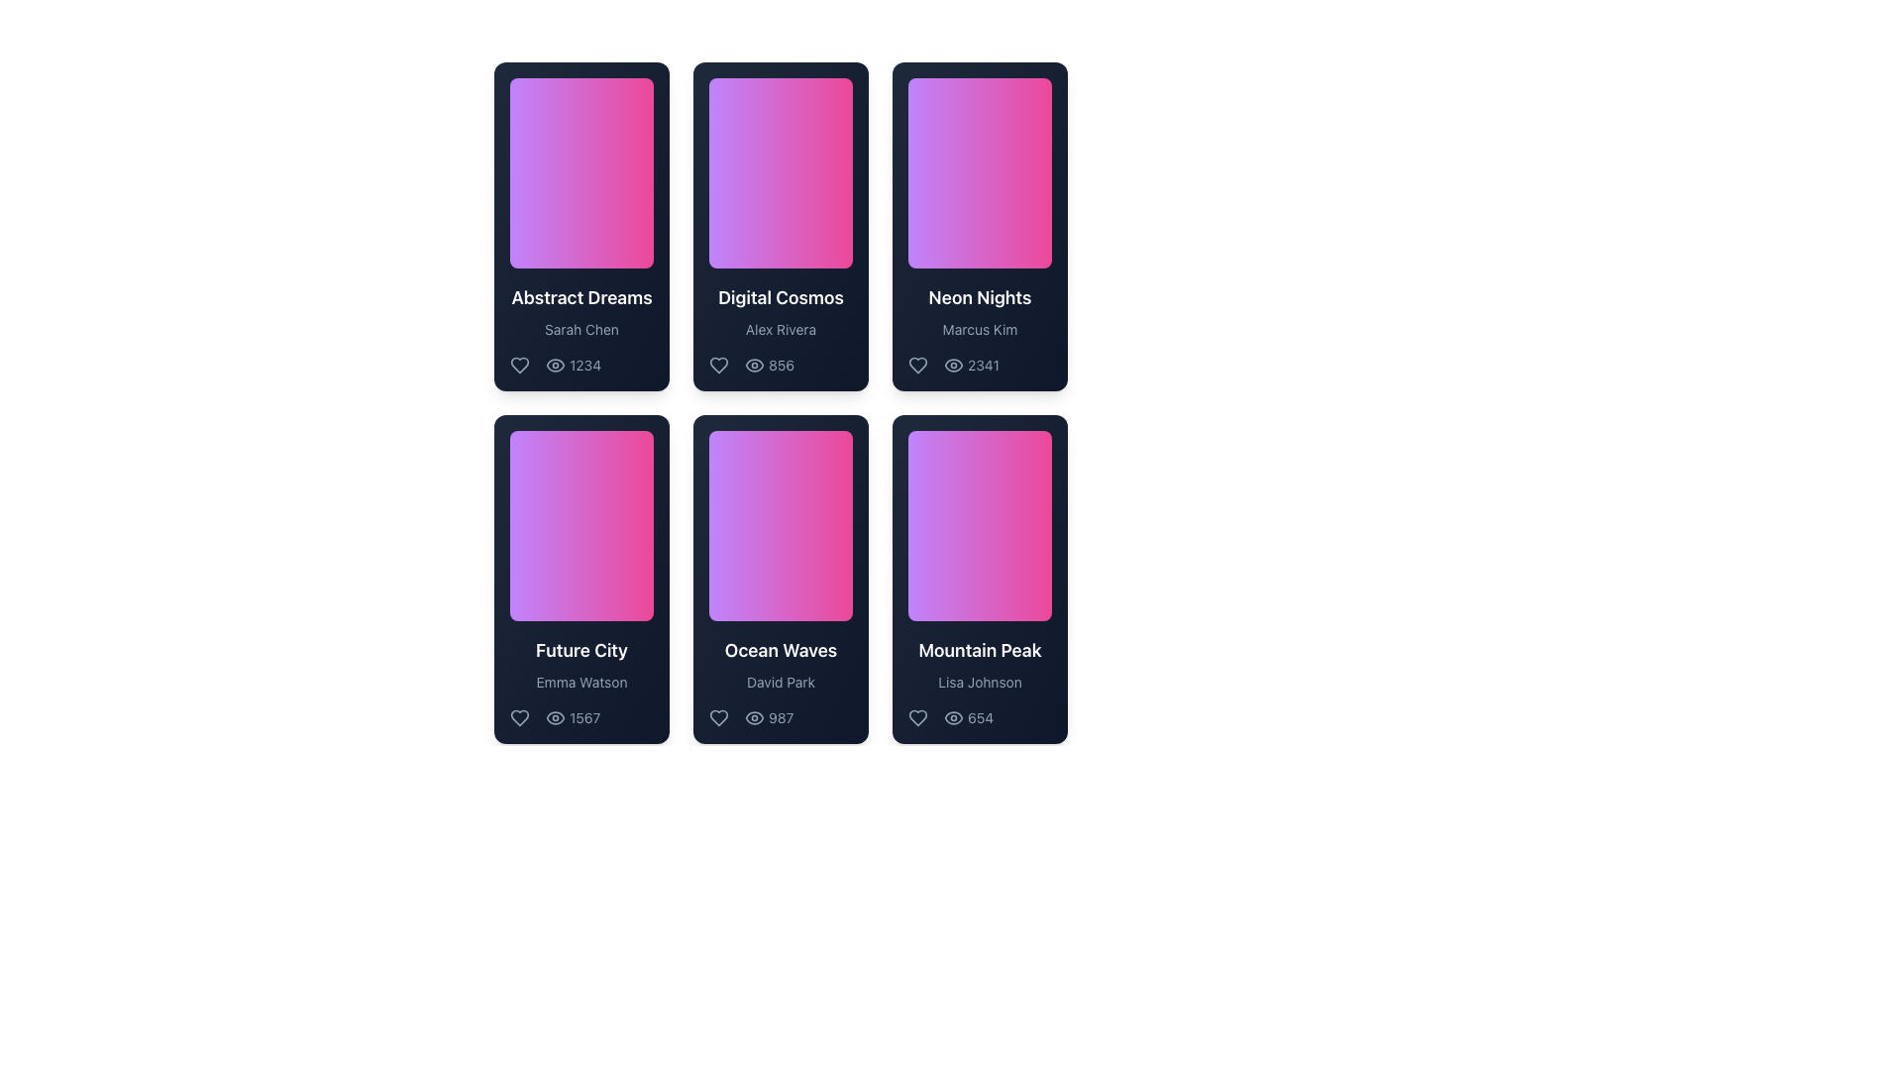 Image resolution: width=1902 pixels, height=1070 pixels. Describe the element at coordinates (581, 225) in the screenshot. I see `the card element titled 'Abstract Dreams' that has a gradient background, rounded corners, and contains the title and icons at the bottom` at that location.